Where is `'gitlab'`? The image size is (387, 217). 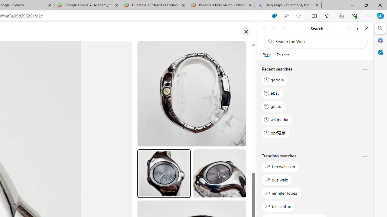 'gitlab' is located at coordinates (273, 106).